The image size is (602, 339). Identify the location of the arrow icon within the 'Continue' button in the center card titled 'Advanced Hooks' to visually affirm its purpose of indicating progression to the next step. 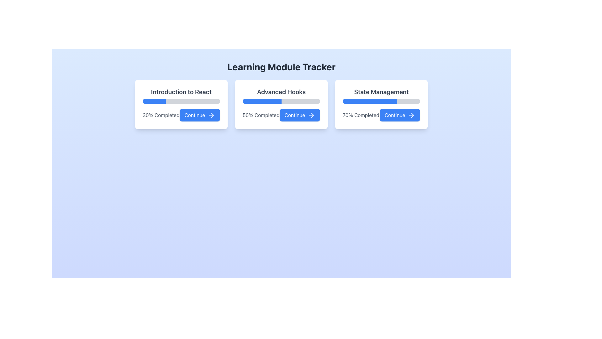
(311, 115).